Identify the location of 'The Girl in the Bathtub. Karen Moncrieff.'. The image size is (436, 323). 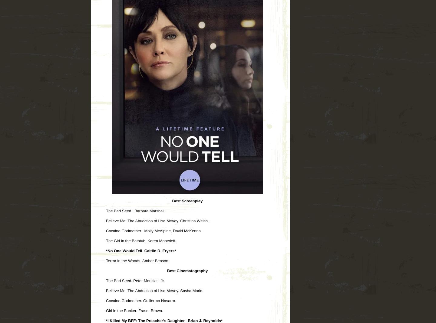
(106, 240).